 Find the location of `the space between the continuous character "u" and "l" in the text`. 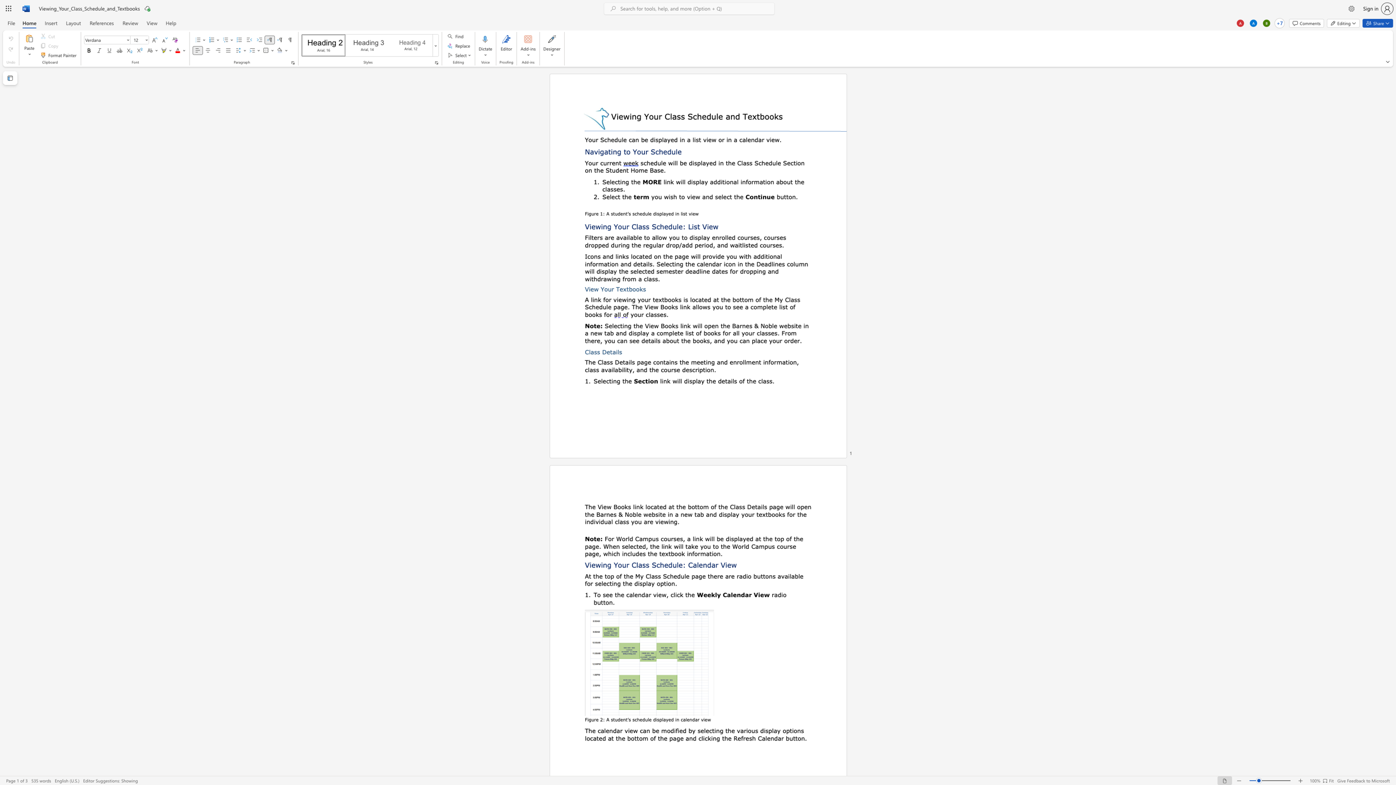

the space between the continuous character "u" and "l" in the text is located at coordinates (675, 565).